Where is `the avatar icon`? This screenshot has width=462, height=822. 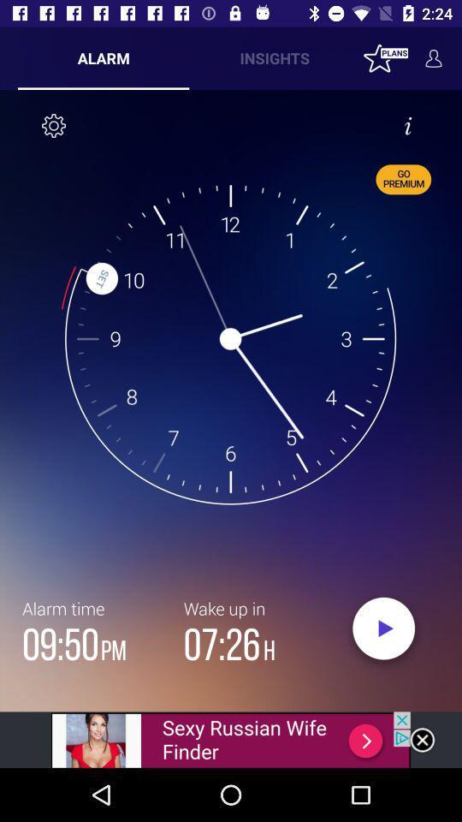
the avatar icon is located at coordinates (434, 58).